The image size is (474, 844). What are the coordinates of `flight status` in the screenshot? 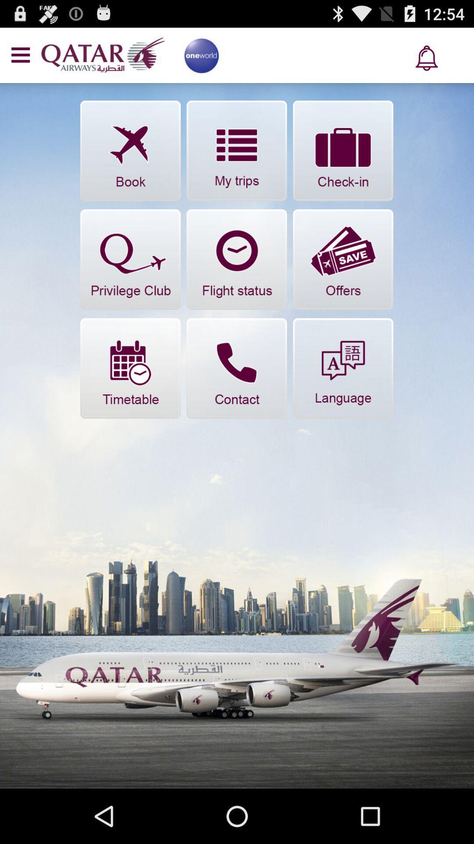 It's located at (236, 259).